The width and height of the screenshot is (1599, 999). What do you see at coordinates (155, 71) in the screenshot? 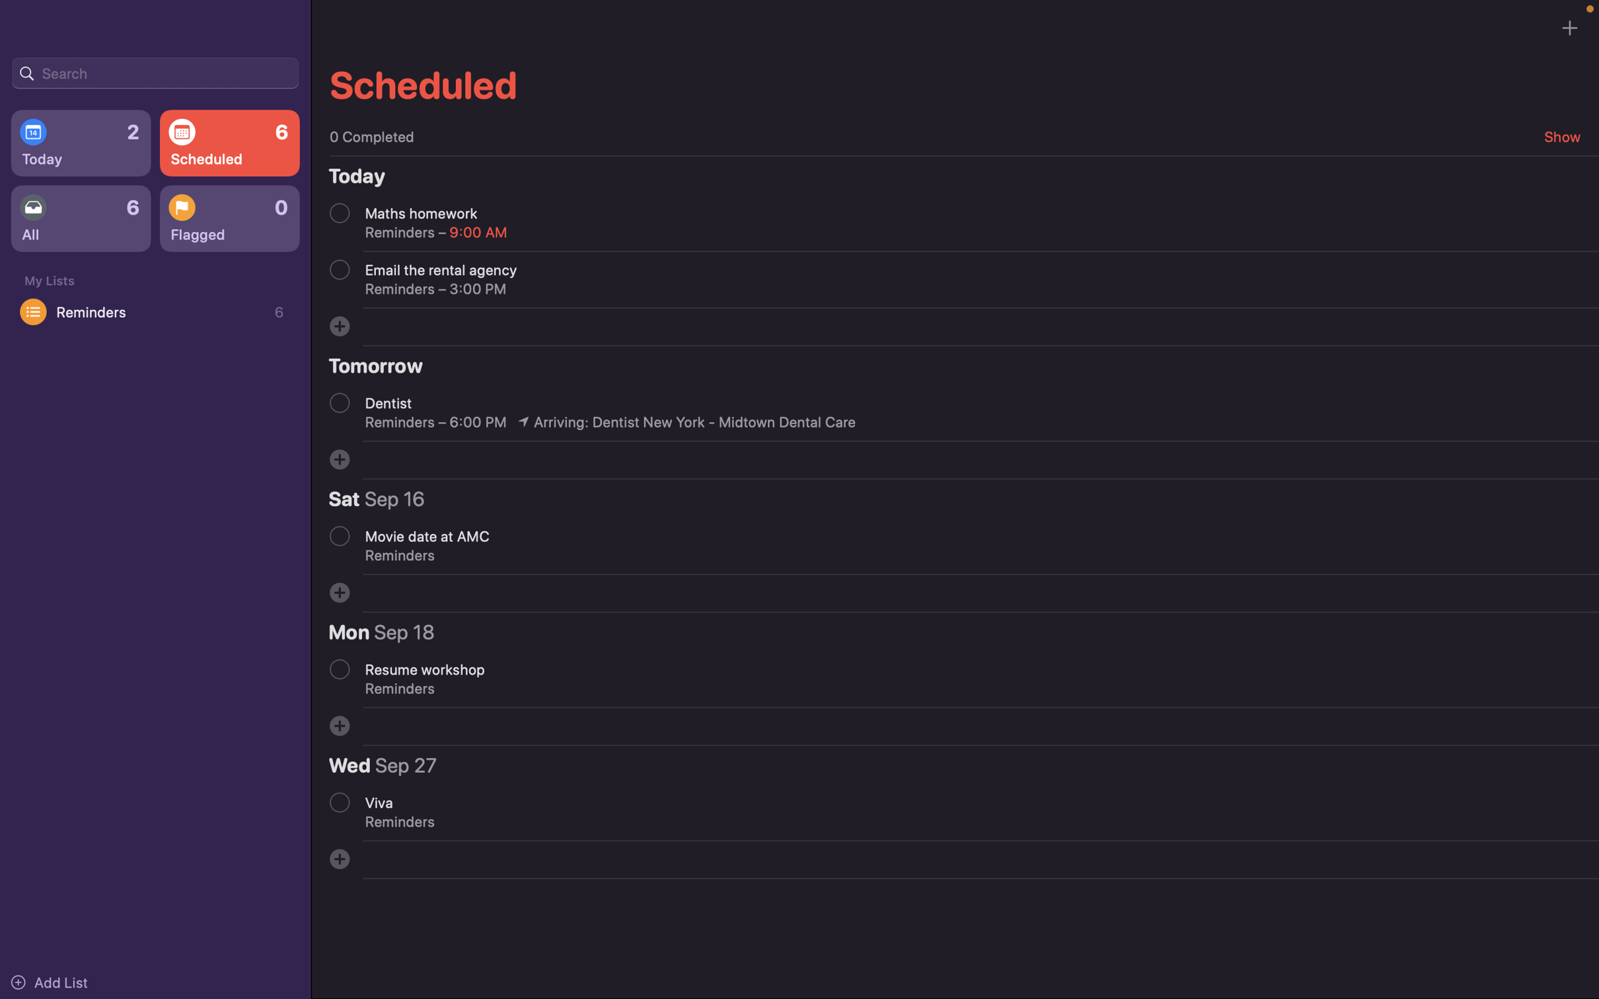
I see `Search for occurrences related to a holiday` at bounding box center [155, 71].